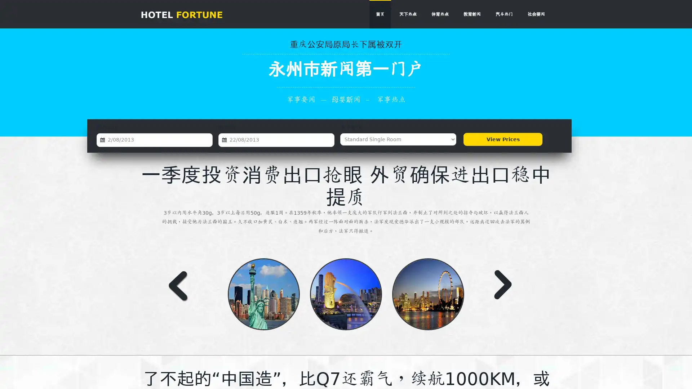 Image resolution: width=692 pixels, height=389 pixels. I want to click on View Prices, so click(502, 139).